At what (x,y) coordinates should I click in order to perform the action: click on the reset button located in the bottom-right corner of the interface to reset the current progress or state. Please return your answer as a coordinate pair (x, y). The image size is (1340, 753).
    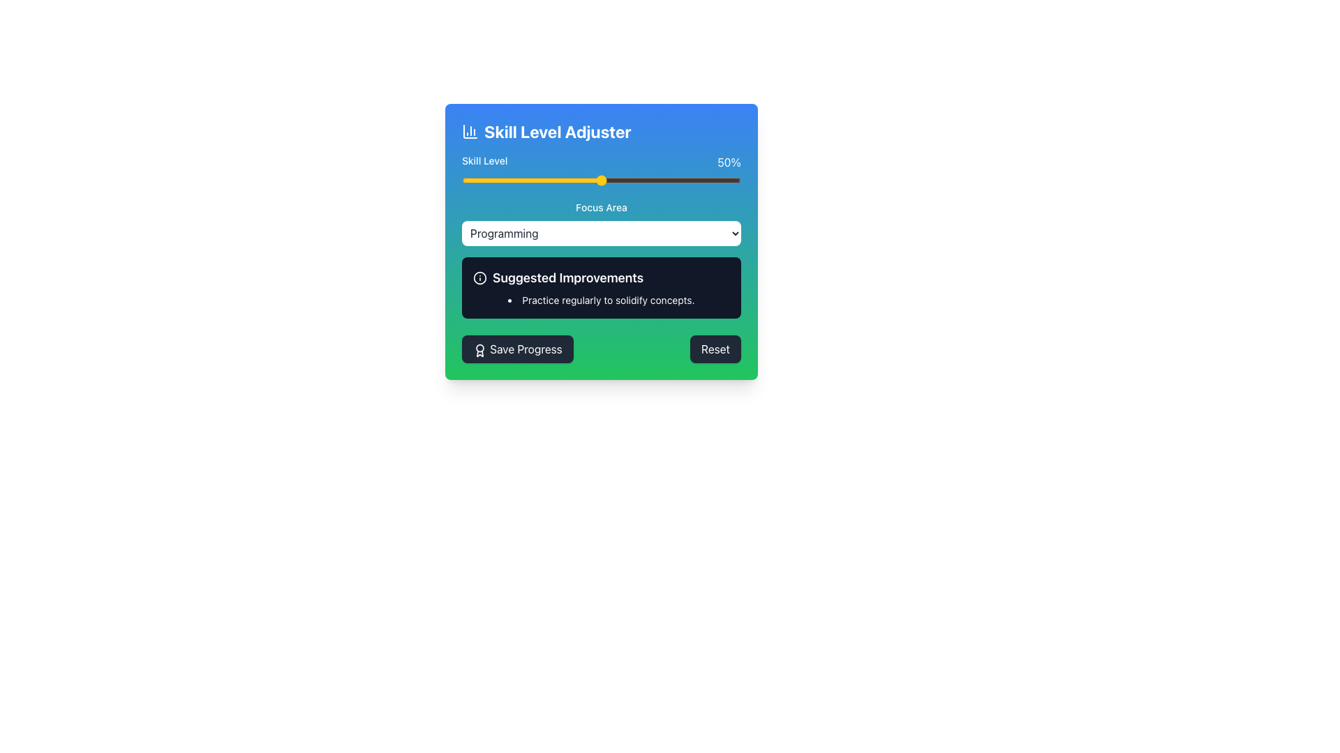
    Looking at the image, I should click on (715, 349).